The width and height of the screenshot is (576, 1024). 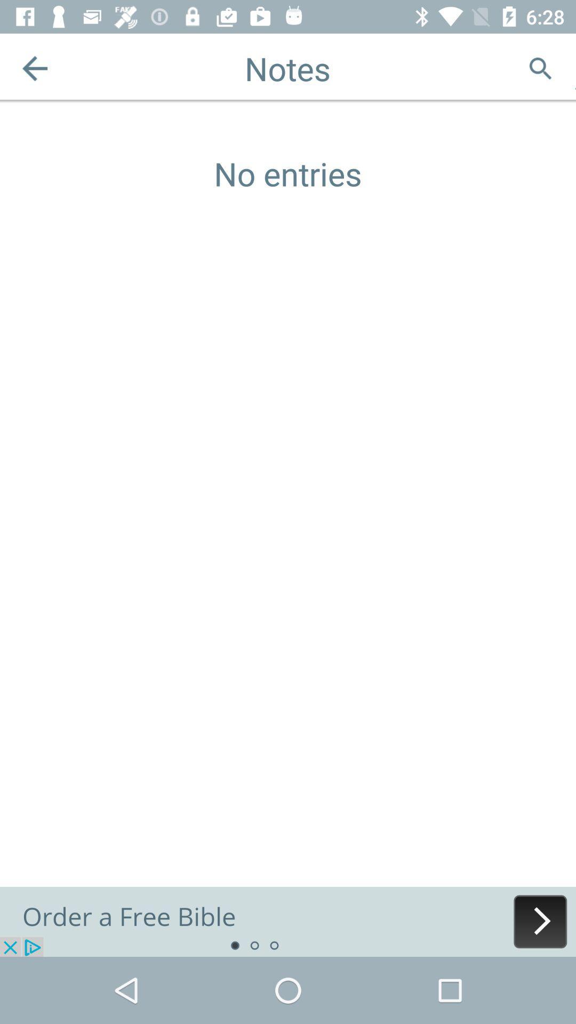 I want to click on search, so click(x=540, y=68).